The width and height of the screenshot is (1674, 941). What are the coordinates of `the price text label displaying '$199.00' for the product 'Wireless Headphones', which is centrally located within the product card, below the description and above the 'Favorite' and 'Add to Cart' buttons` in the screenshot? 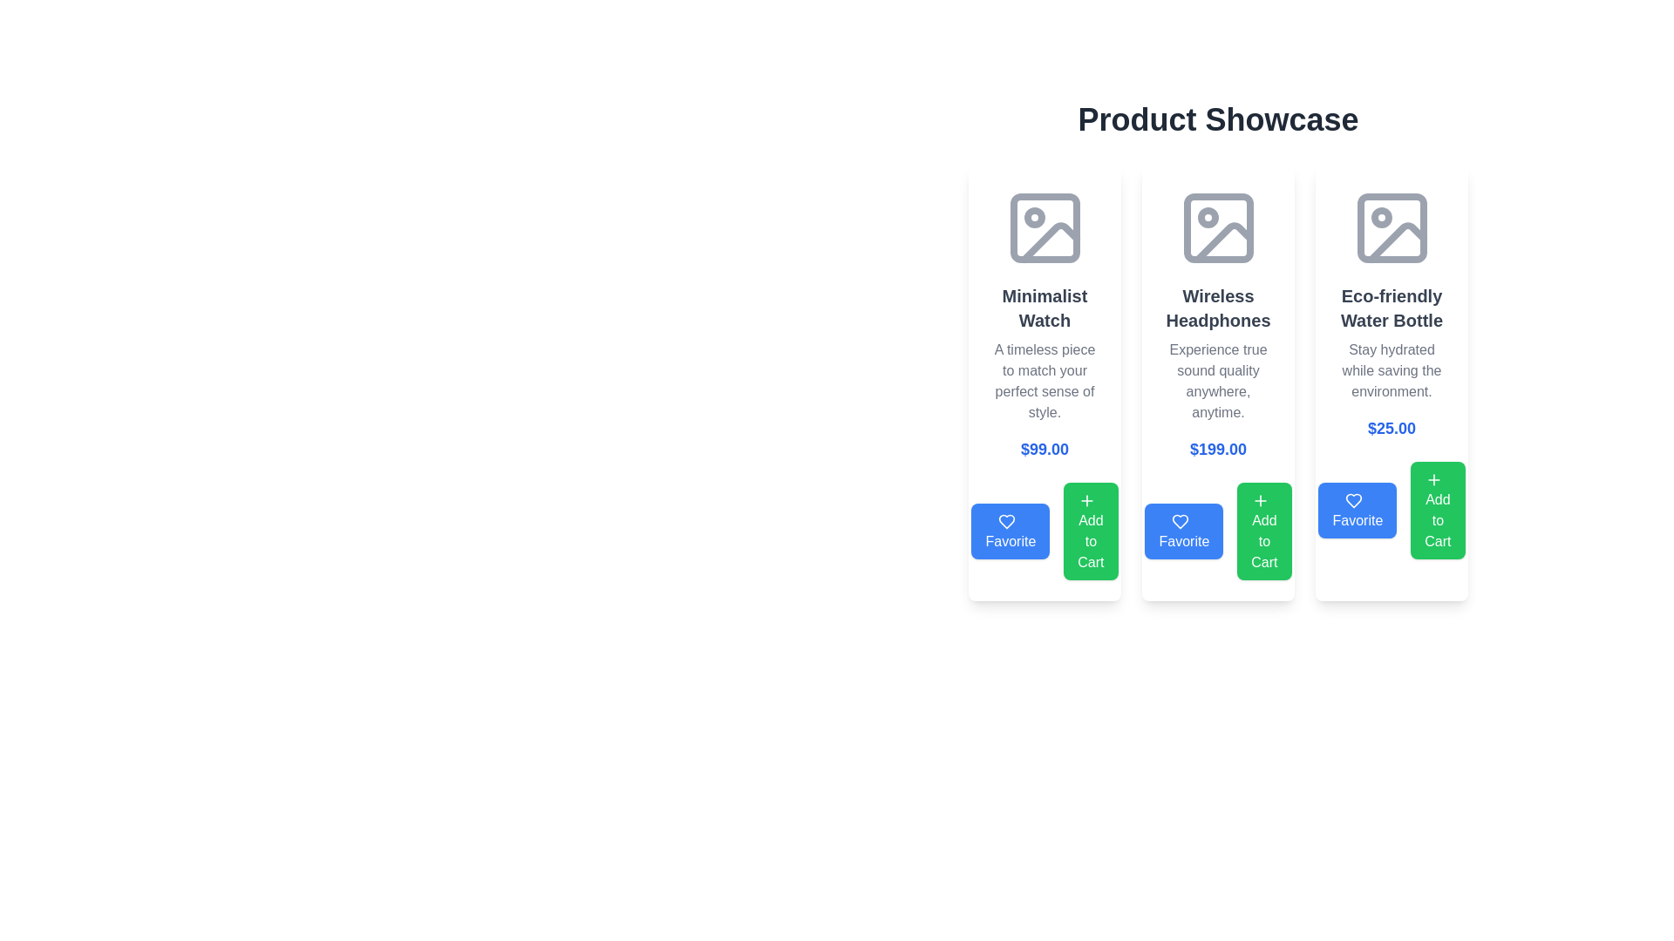 It's located at (1217, 449).